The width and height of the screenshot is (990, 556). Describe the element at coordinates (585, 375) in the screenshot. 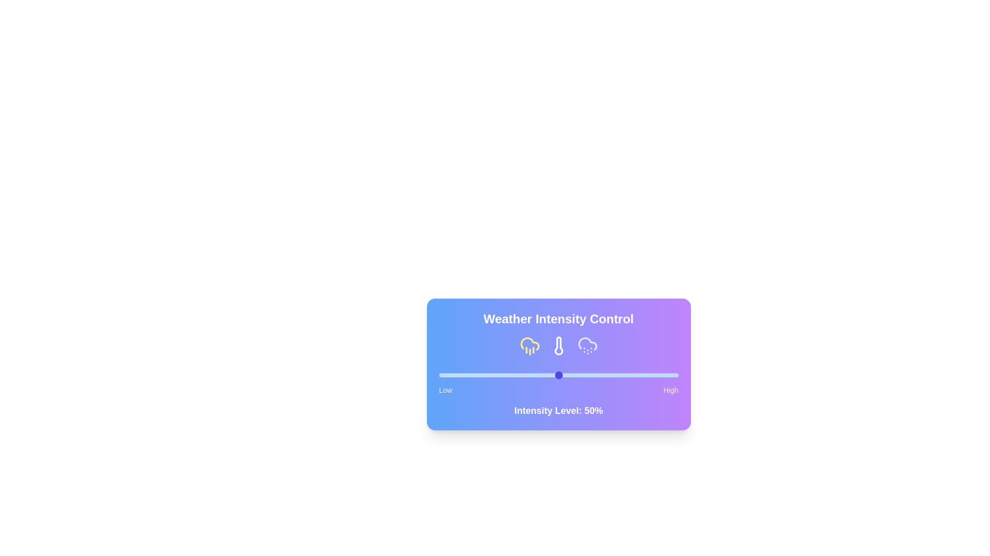

I see `the slider to set the intensity level to 61%` at that location.